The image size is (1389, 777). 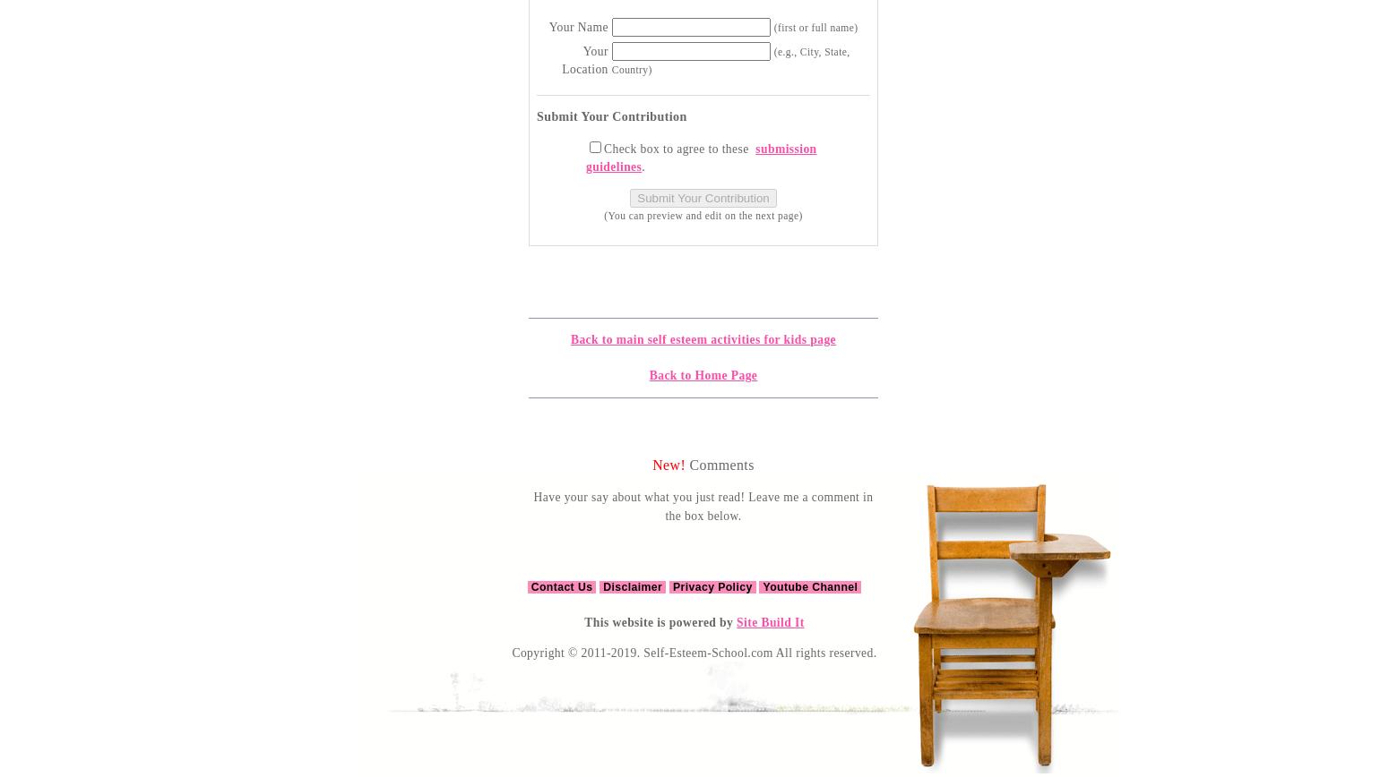 I want to click on 'This website is powered by', so click(x=660, y=622).